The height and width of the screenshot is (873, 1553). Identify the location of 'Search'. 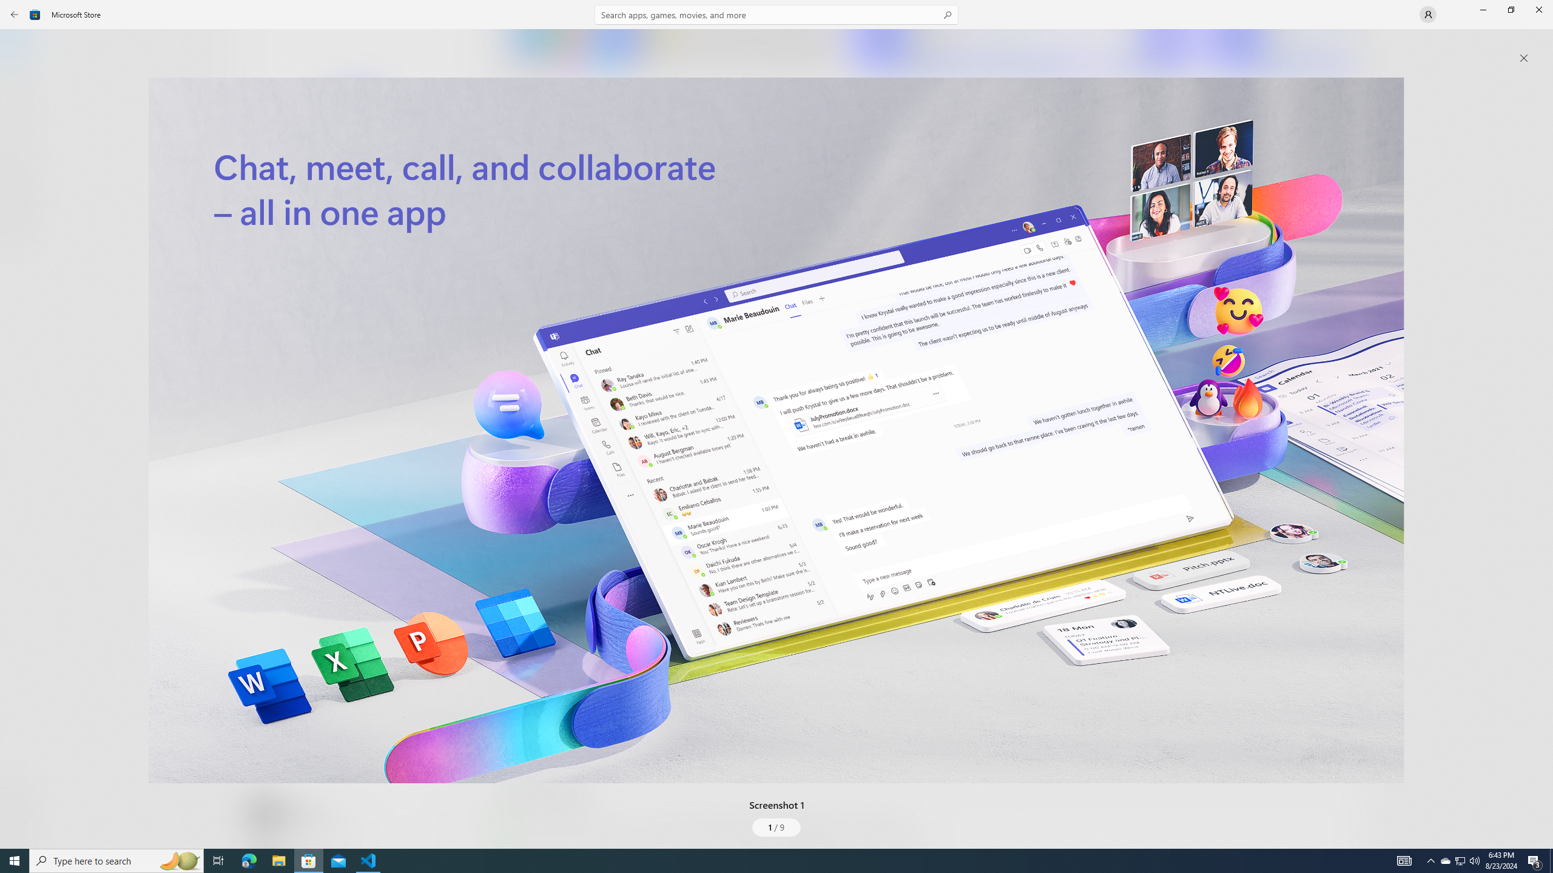
(776, 14).